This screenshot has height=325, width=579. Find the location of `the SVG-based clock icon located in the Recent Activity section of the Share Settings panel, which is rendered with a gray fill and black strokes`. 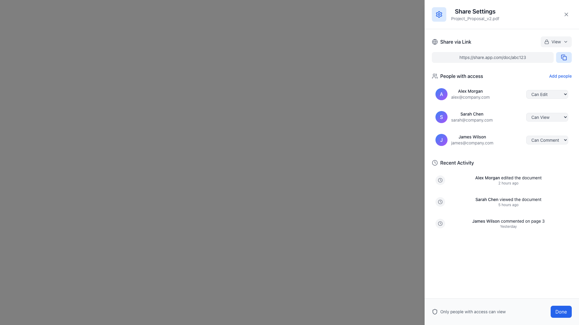

the SVG-based clock icon located in the Recent Activity section of the Share Settings panel, which is rendered with a gray fill and black strokes is located at coordinates (440, 180).